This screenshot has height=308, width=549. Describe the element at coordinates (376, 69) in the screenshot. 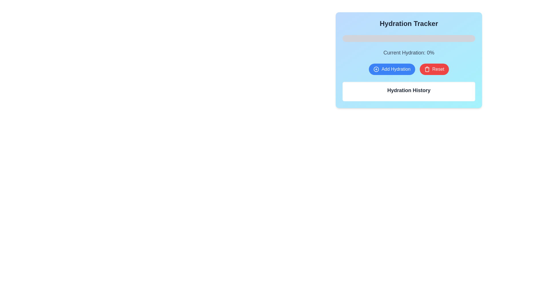

I see `the blue circle icon with a plus sign located to the left of the 'Add Hydration' text on the blue button` at that location.